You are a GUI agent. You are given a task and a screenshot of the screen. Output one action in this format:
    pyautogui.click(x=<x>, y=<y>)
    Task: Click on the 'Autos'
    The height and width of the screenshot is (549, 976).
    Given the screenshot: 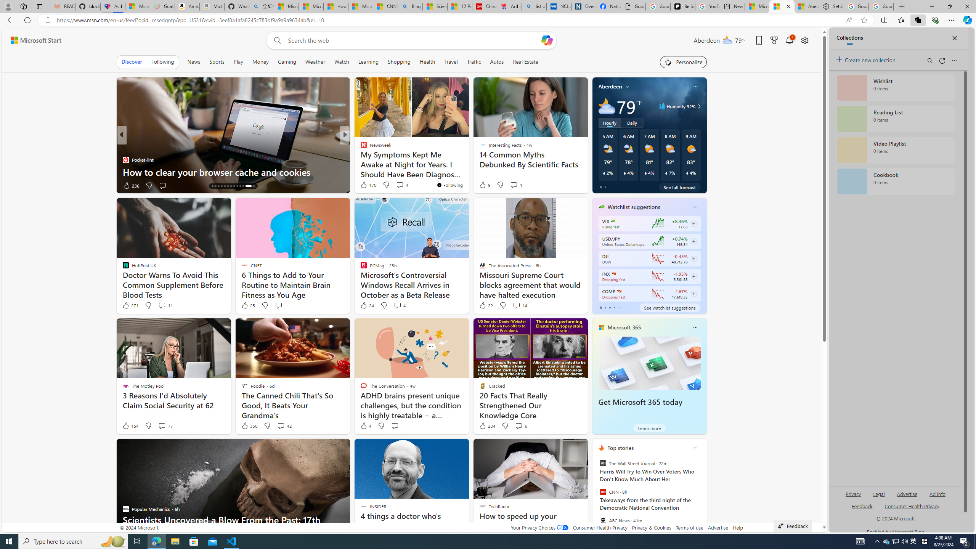 What is the action you would take?
    pyautogui.click(x=497, y=61)
    